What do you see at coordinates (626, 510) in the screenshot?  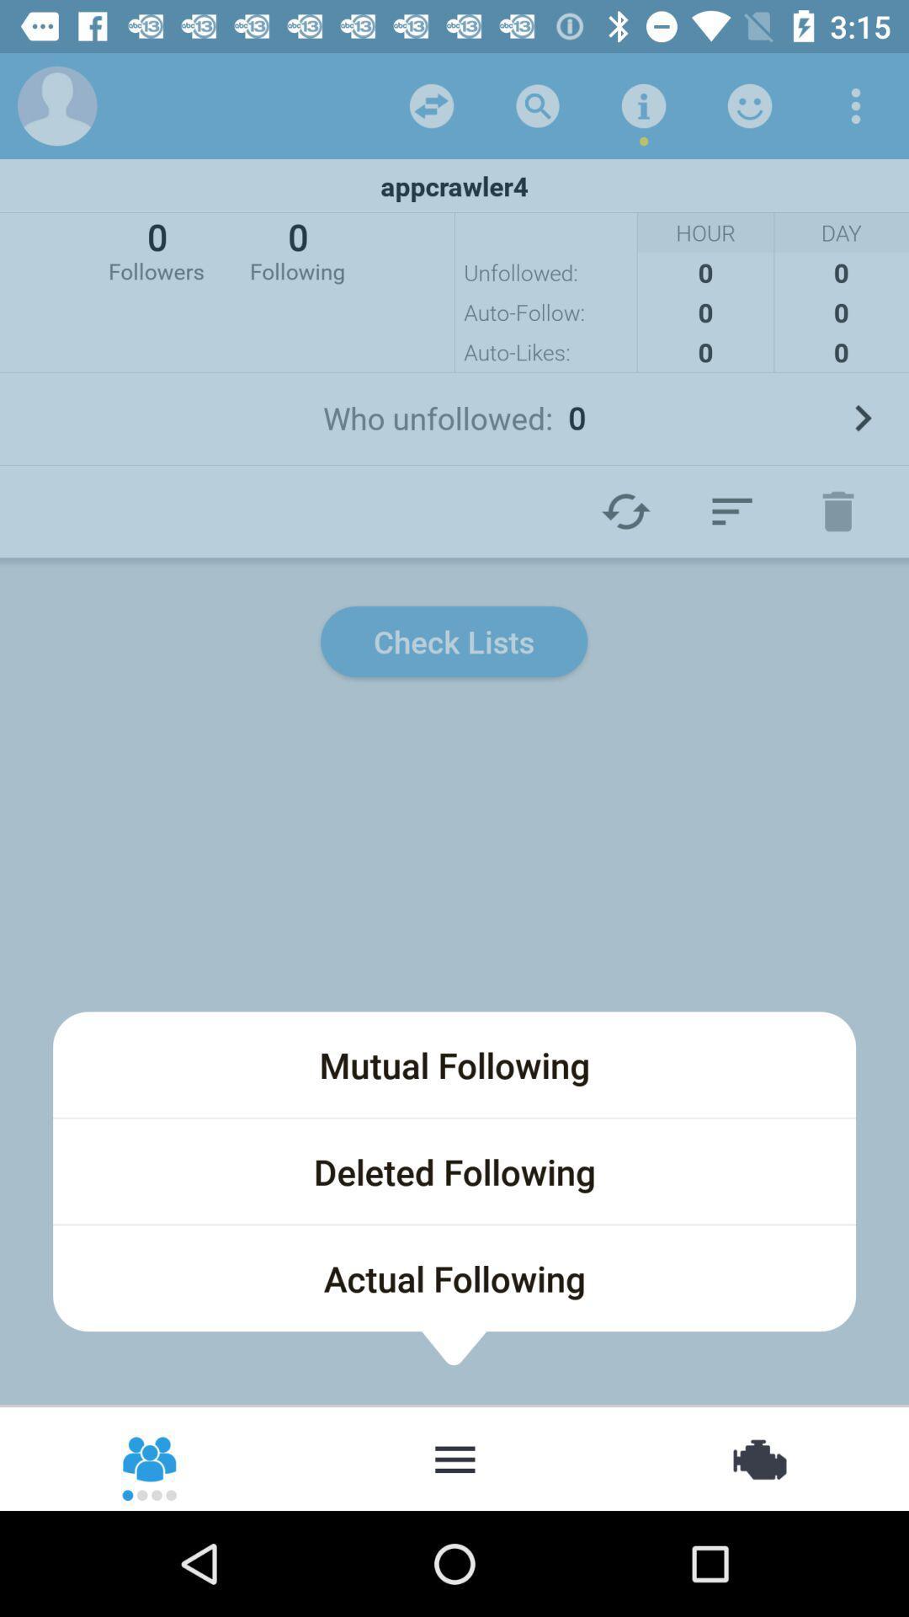 I see `reload page` at bounding box center [626, 510].